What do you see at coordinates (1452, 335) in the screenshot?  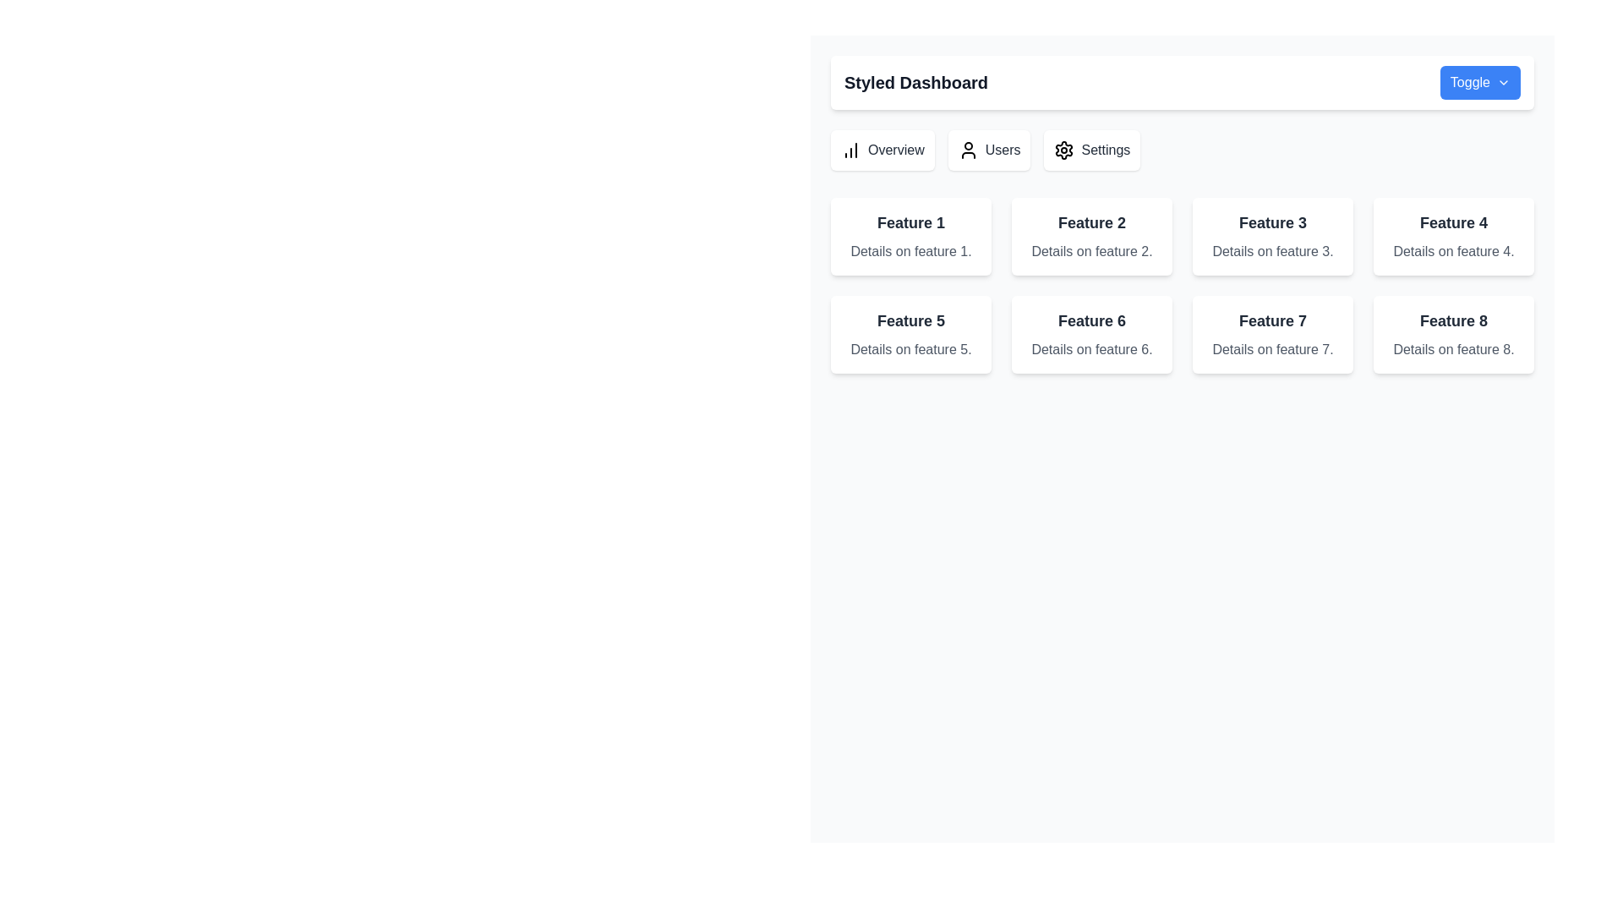 I see `the 'Feature 8' informational card located in the bottom-right corner of the grid layout, which has a white background and contains text in bold and lighter gray colors` at bounding box center [1452, 335].